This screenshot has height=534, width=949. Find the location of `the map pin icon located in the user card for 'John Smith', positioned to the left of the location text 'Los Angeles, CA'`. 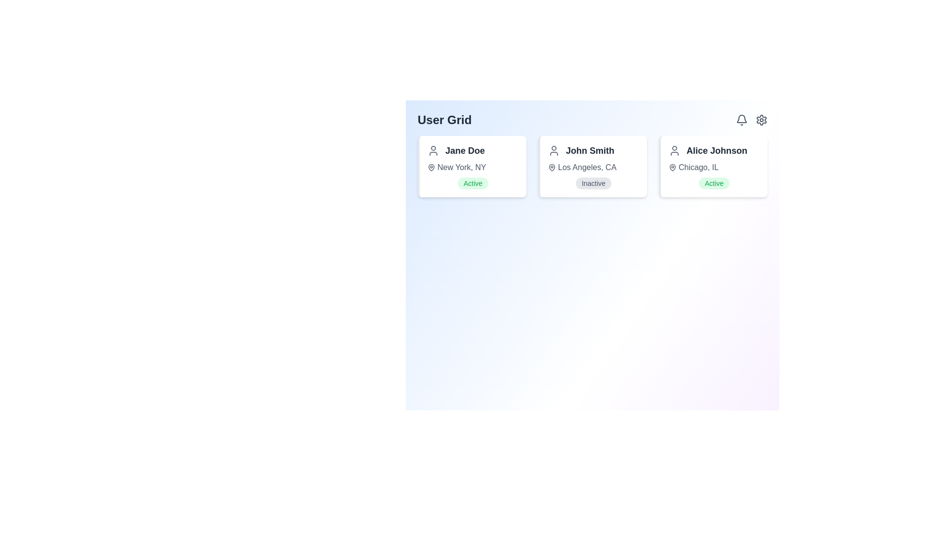

the map pin icon located in the user card for 'John Smith', positioned to the left of the location text 'Los Angeles, CA' is located at coordinates (552, 167).